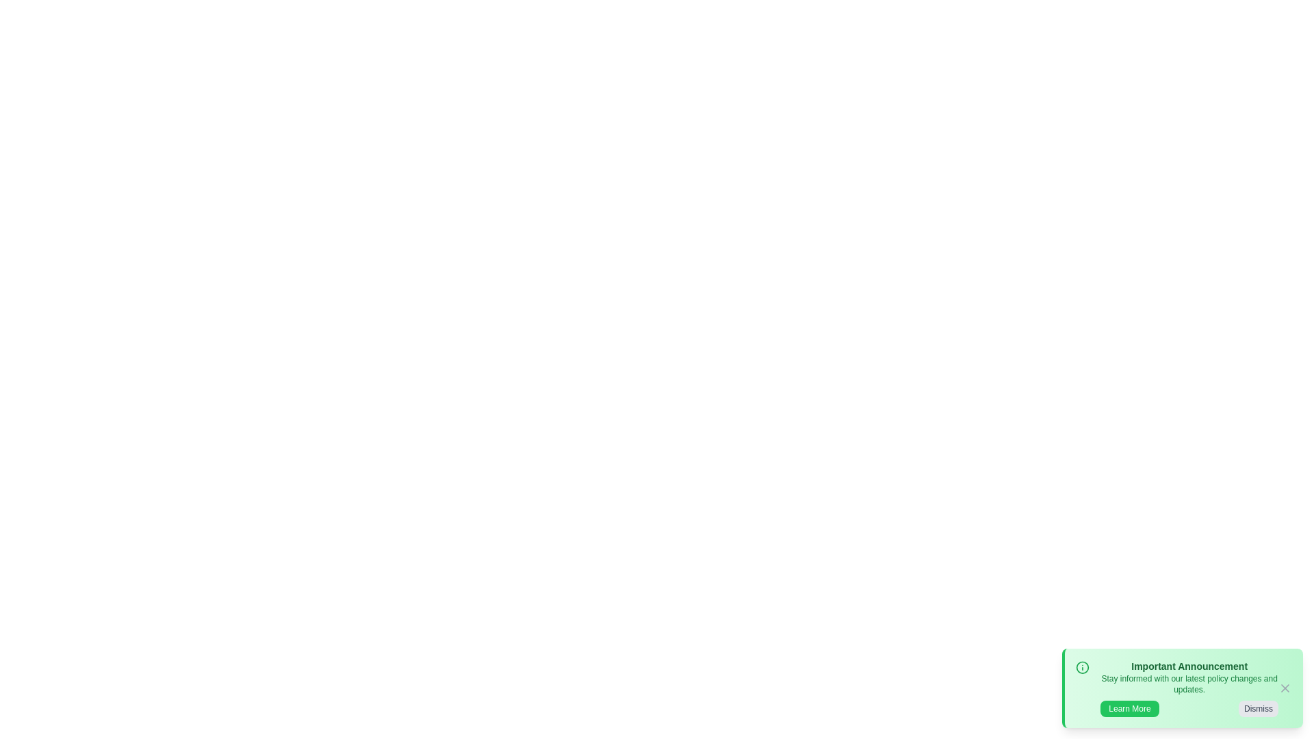 The height and width of the screenshot is (739, 1314). I want to click on 'X' icon to close the announcement, so click(1284, 688).